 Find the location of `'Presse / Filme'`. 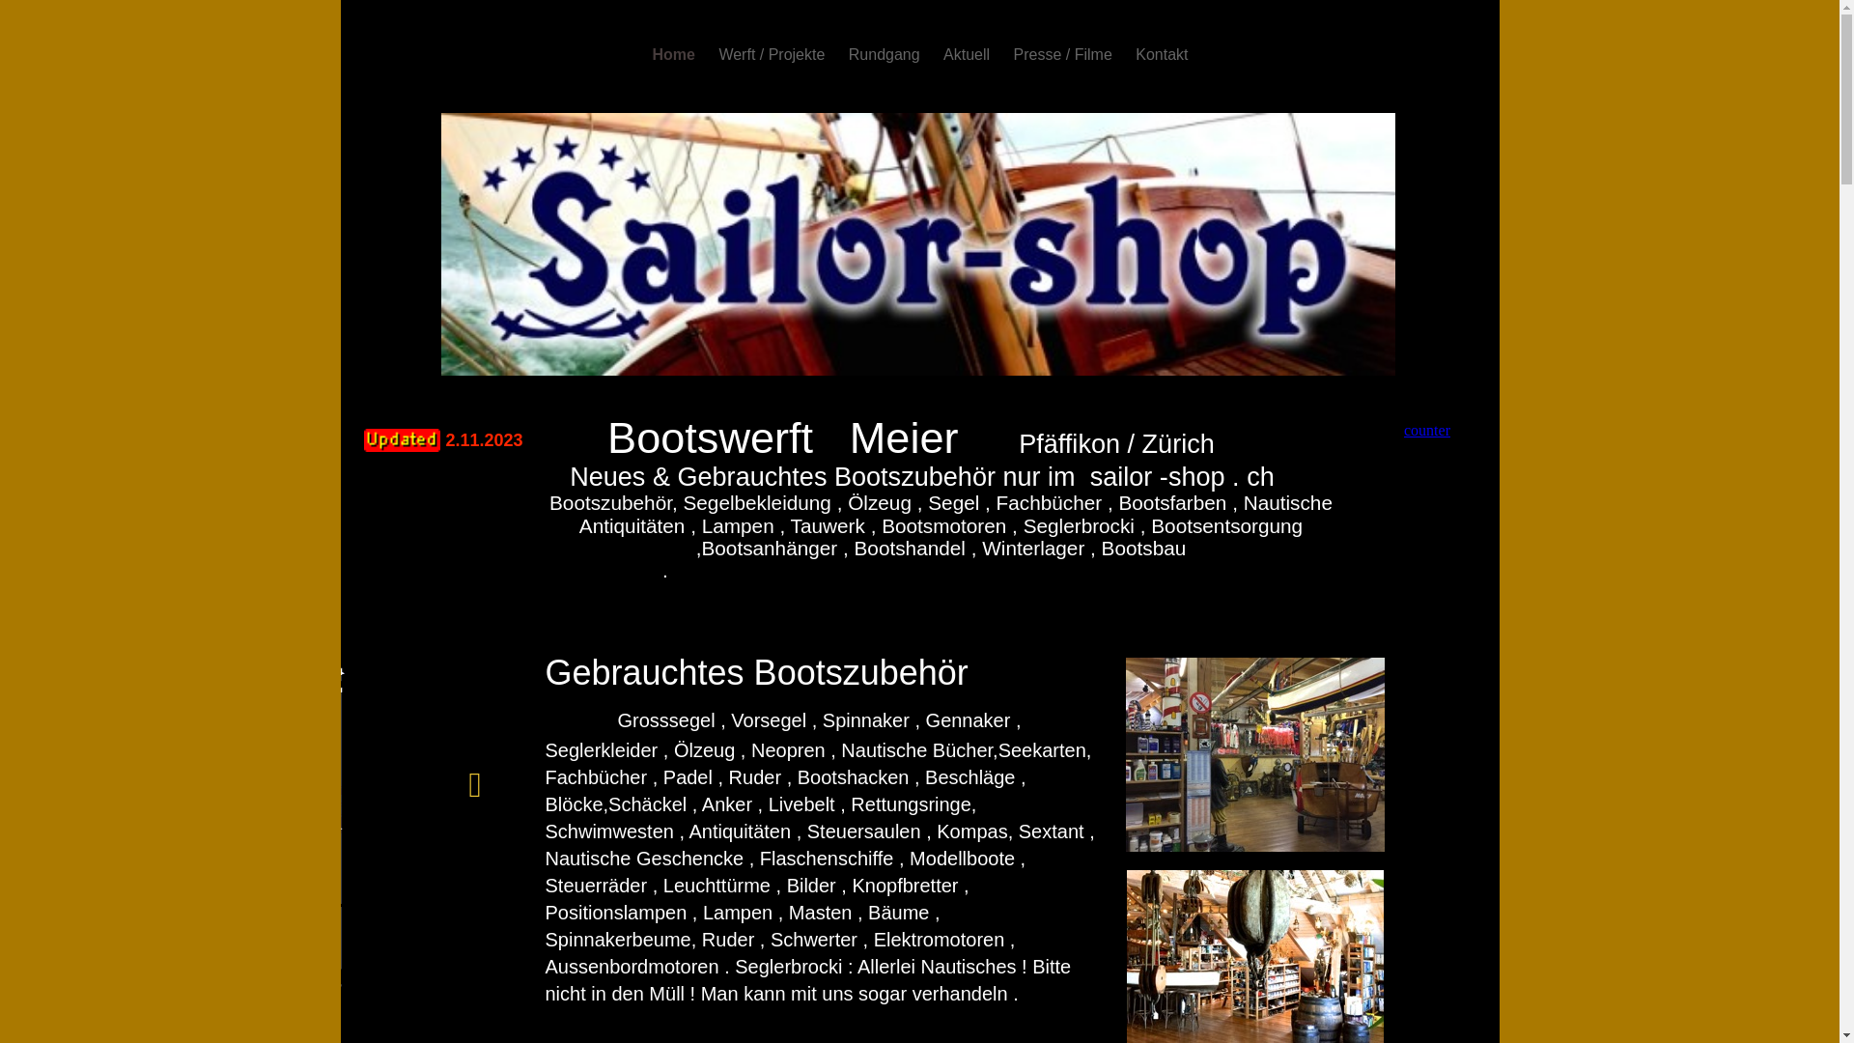

'Presse / Filme' is located at coordinates (1013, 53).